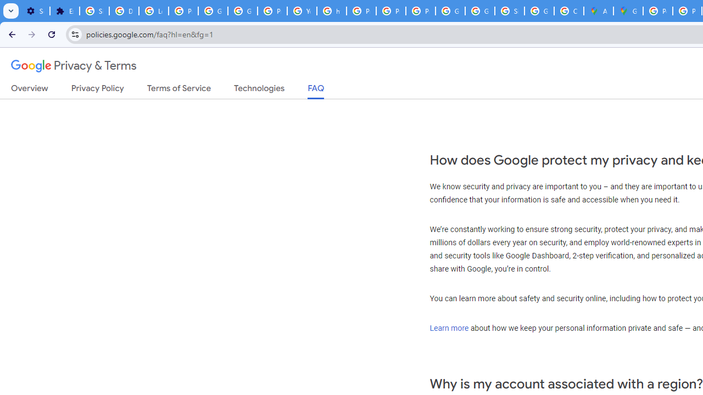 Image resolution: width=703 pixels, height=395 pixels. Describe the element at coordinates (179, 90) in the screenshot. I see `'Terms of Service'` at that location.